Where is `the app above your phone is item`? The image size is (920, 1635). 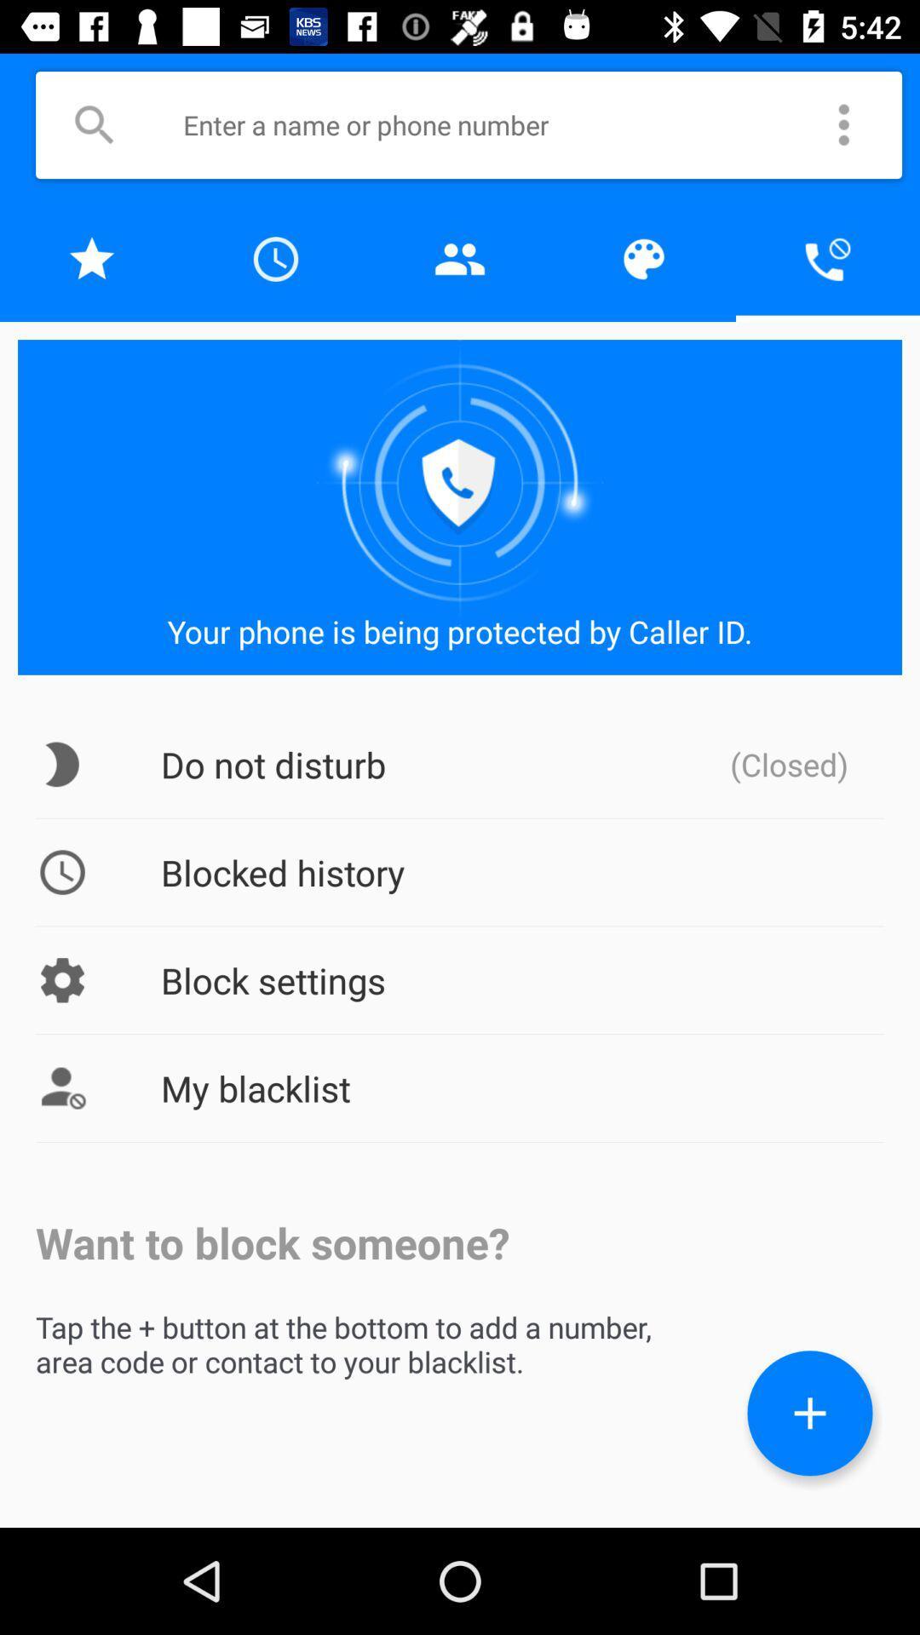
the app above your phone is item is located at coordinates (827, 258).